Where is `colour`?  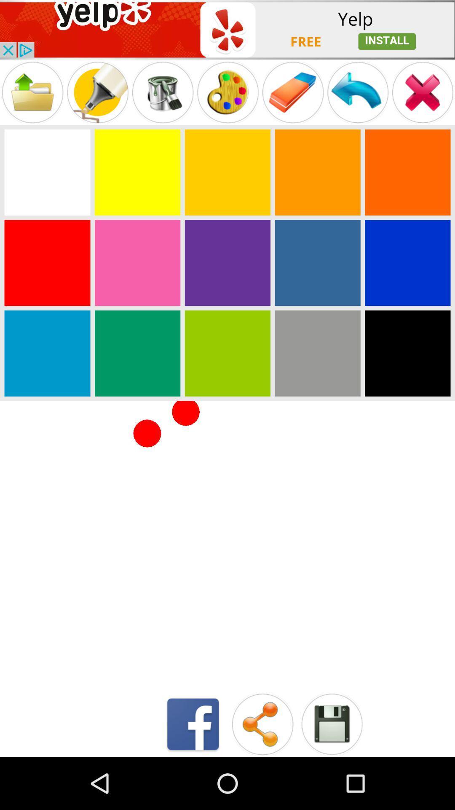
colour is located at coordinates (227, 172).